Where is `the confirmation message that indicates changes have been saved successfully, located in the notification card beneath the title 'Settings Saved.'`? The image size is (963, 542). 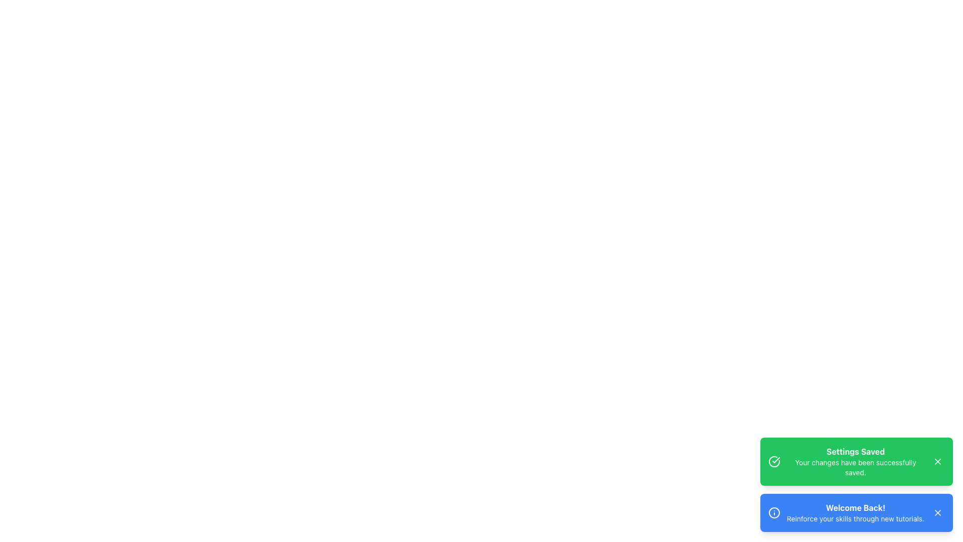
the confirmation message that indicates changes have been saved successfully, located in the notification card beneath the title 'Settings Saved.' is located at coordinates (855, 468).